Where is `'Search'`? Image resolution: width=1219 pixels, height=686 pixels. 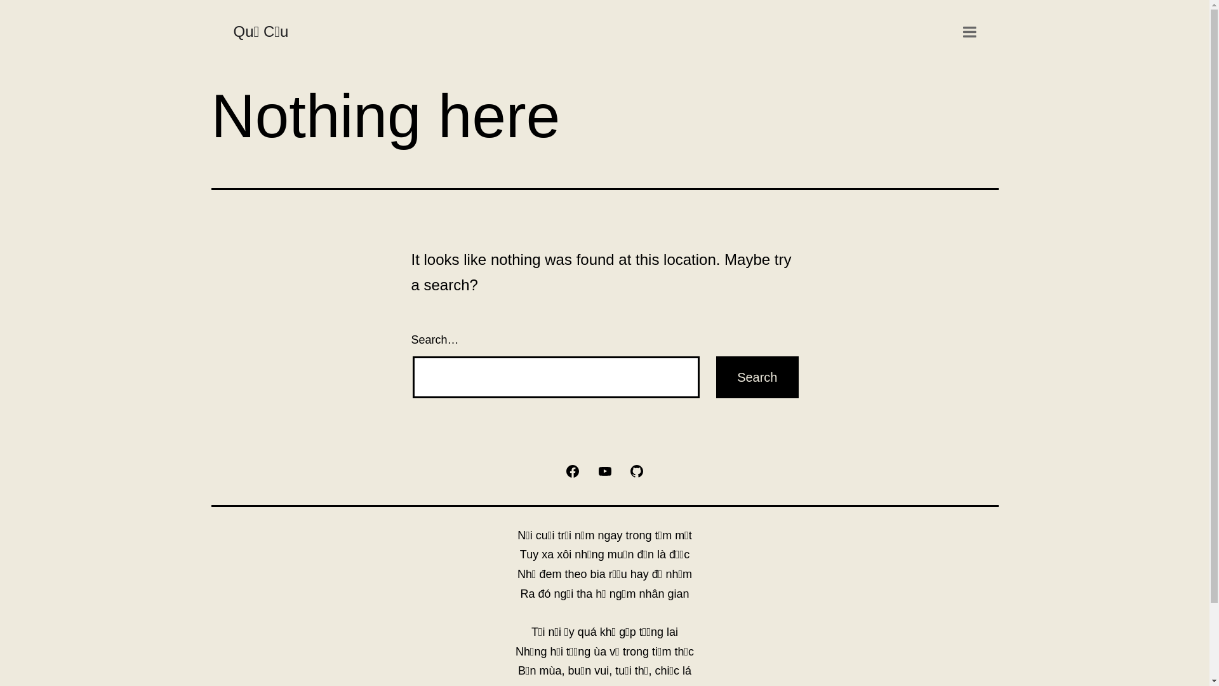
'Search' is located at coordinates (757, 377).